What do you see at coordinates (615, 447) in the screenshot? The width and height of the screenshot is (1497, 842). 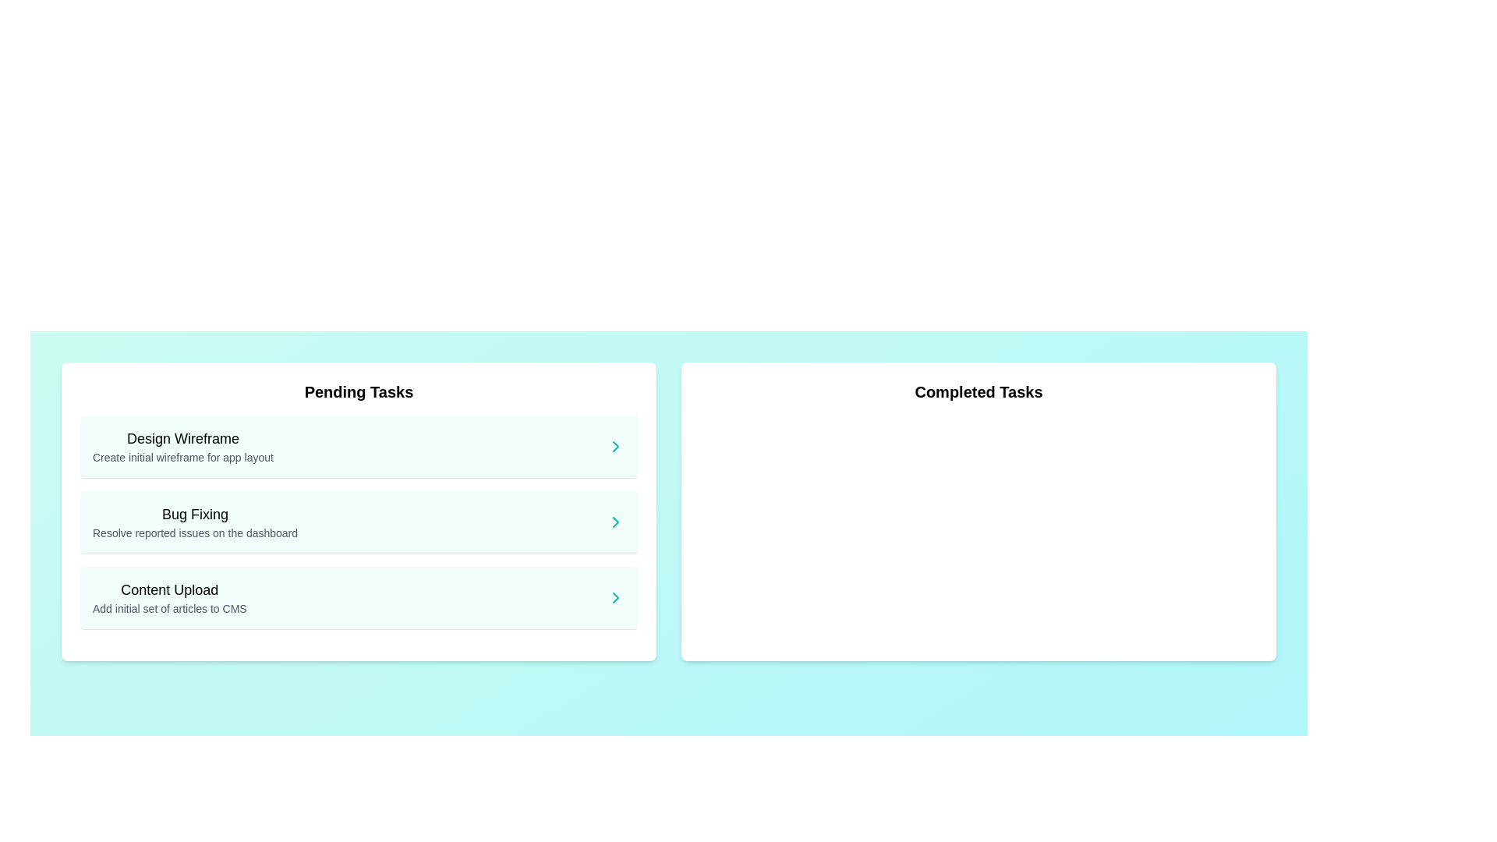 I see `the rightward chevron icon located in the 'Pending Tasks' section adjacent to the 'Design Wireframe' task` at bounding box center [615, 447].